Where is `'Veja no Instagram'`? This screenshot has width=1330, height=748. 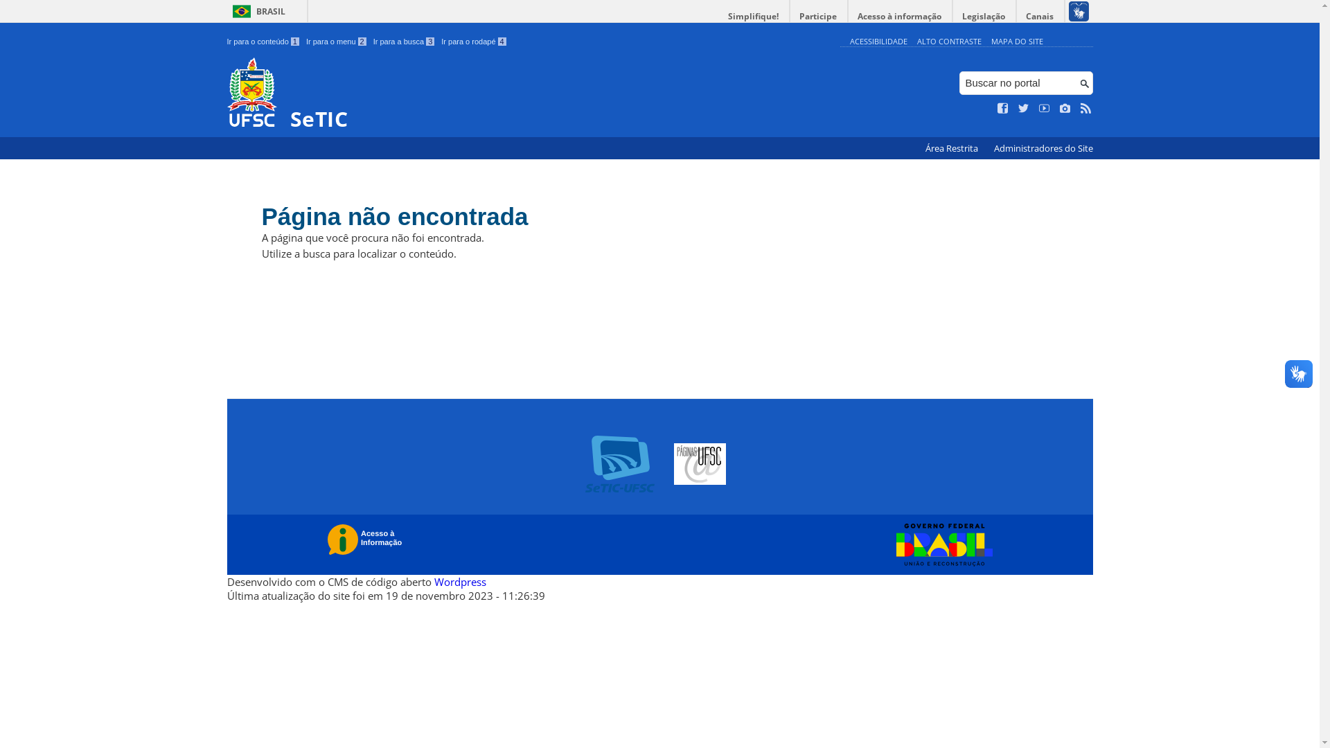 'Veja no Instagram' is located at coordinates (1064, 108).